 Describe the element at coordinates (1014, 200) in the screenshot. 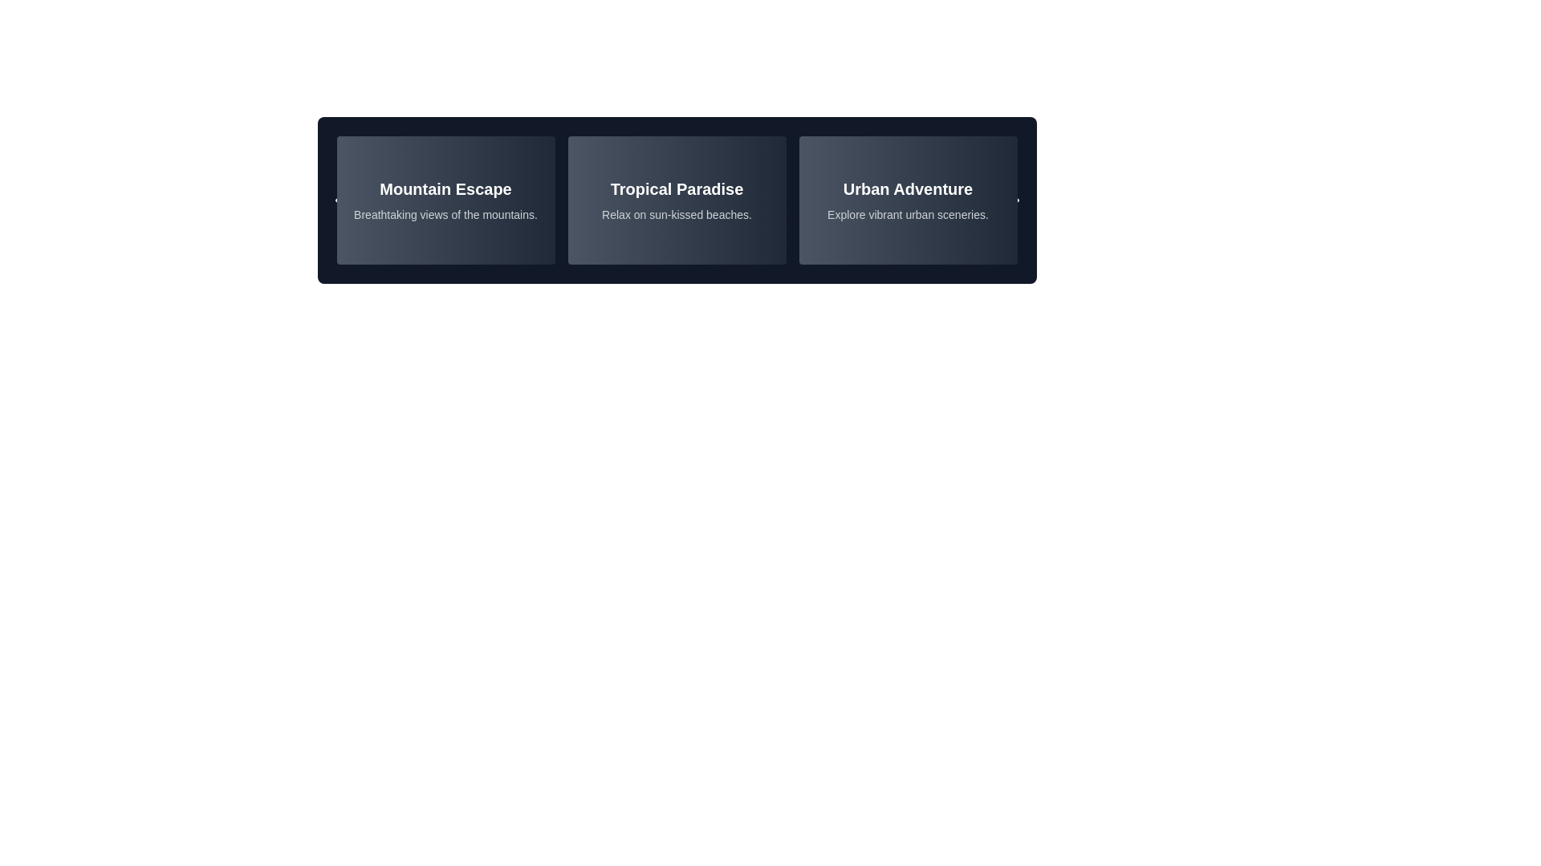

I see `the chevron-right arrow icon within the 'Urban Adventure' card` at that location.